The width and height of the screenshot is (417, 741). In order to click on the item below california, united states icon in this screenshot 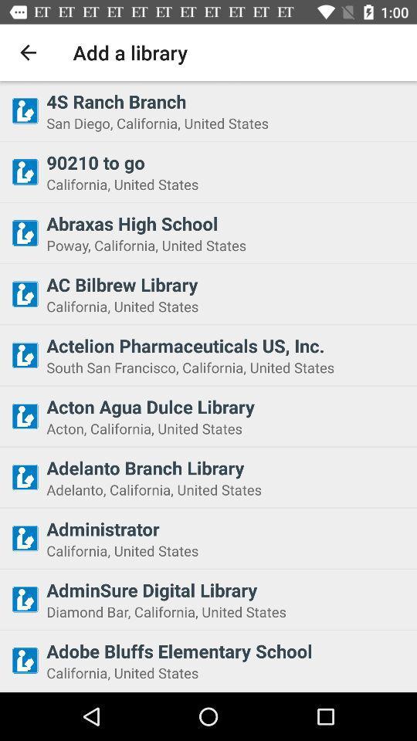, I will do `click(226, 589)`.